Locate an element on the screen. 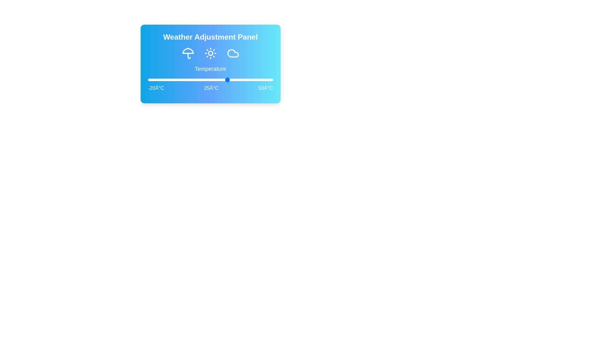 The image size is (600, 337). the temperature slider to 2°C is located at coordinates (187, 79).